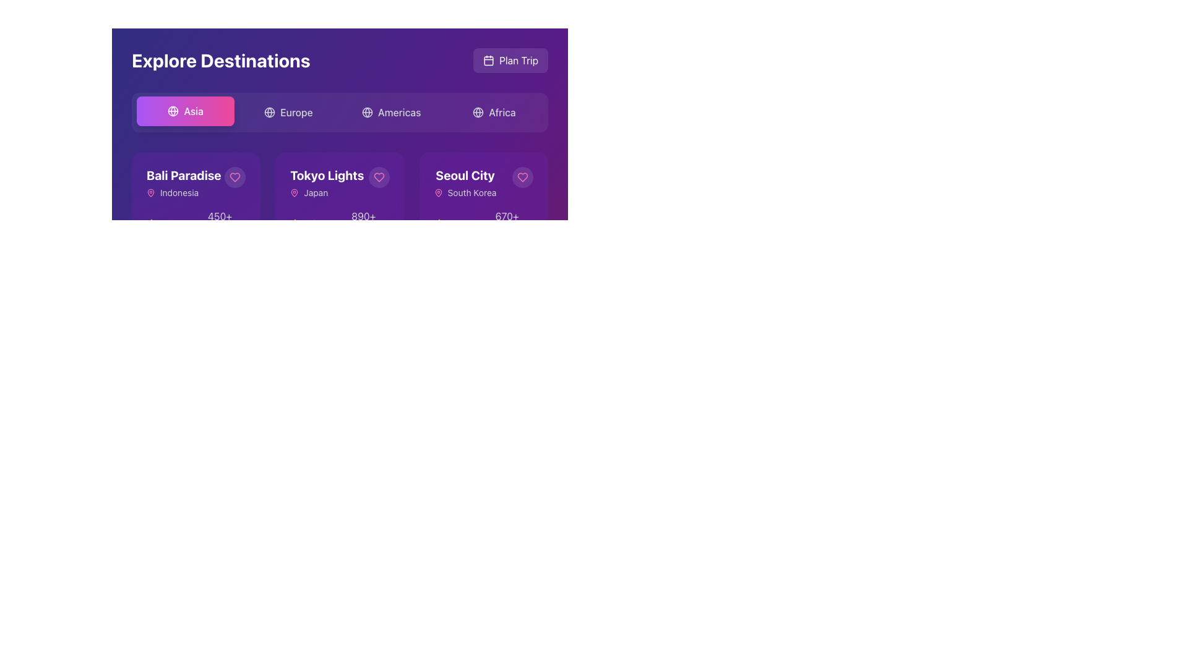 The height and width of the screenshot is (668, 1188). I want to click on the heart icon styled as an outline with a pink stroke, located within a circular button at the top-center of the 'Bali Paradise' card, so click(235, 177).